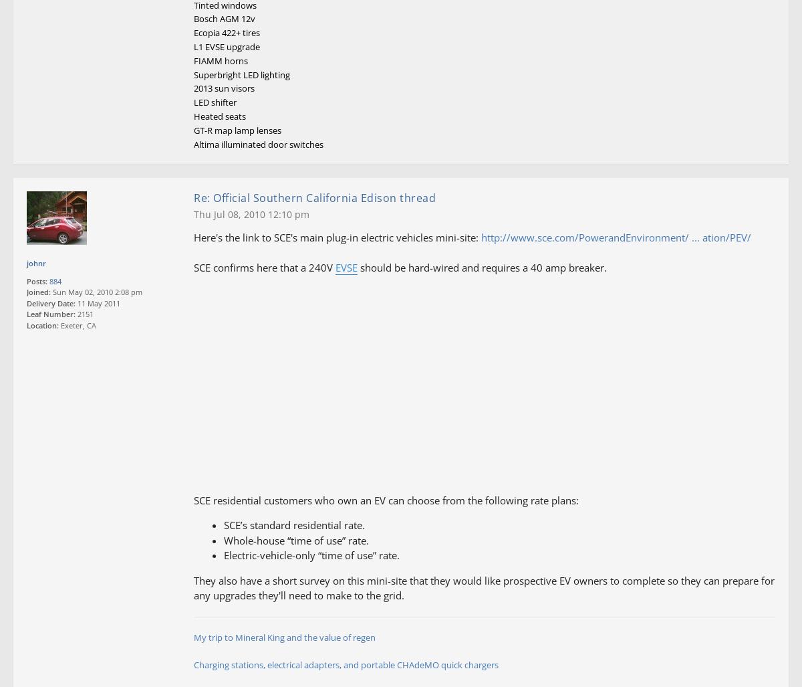  I want to click on 'GT-R map lamp lenses', so click(237, 129).